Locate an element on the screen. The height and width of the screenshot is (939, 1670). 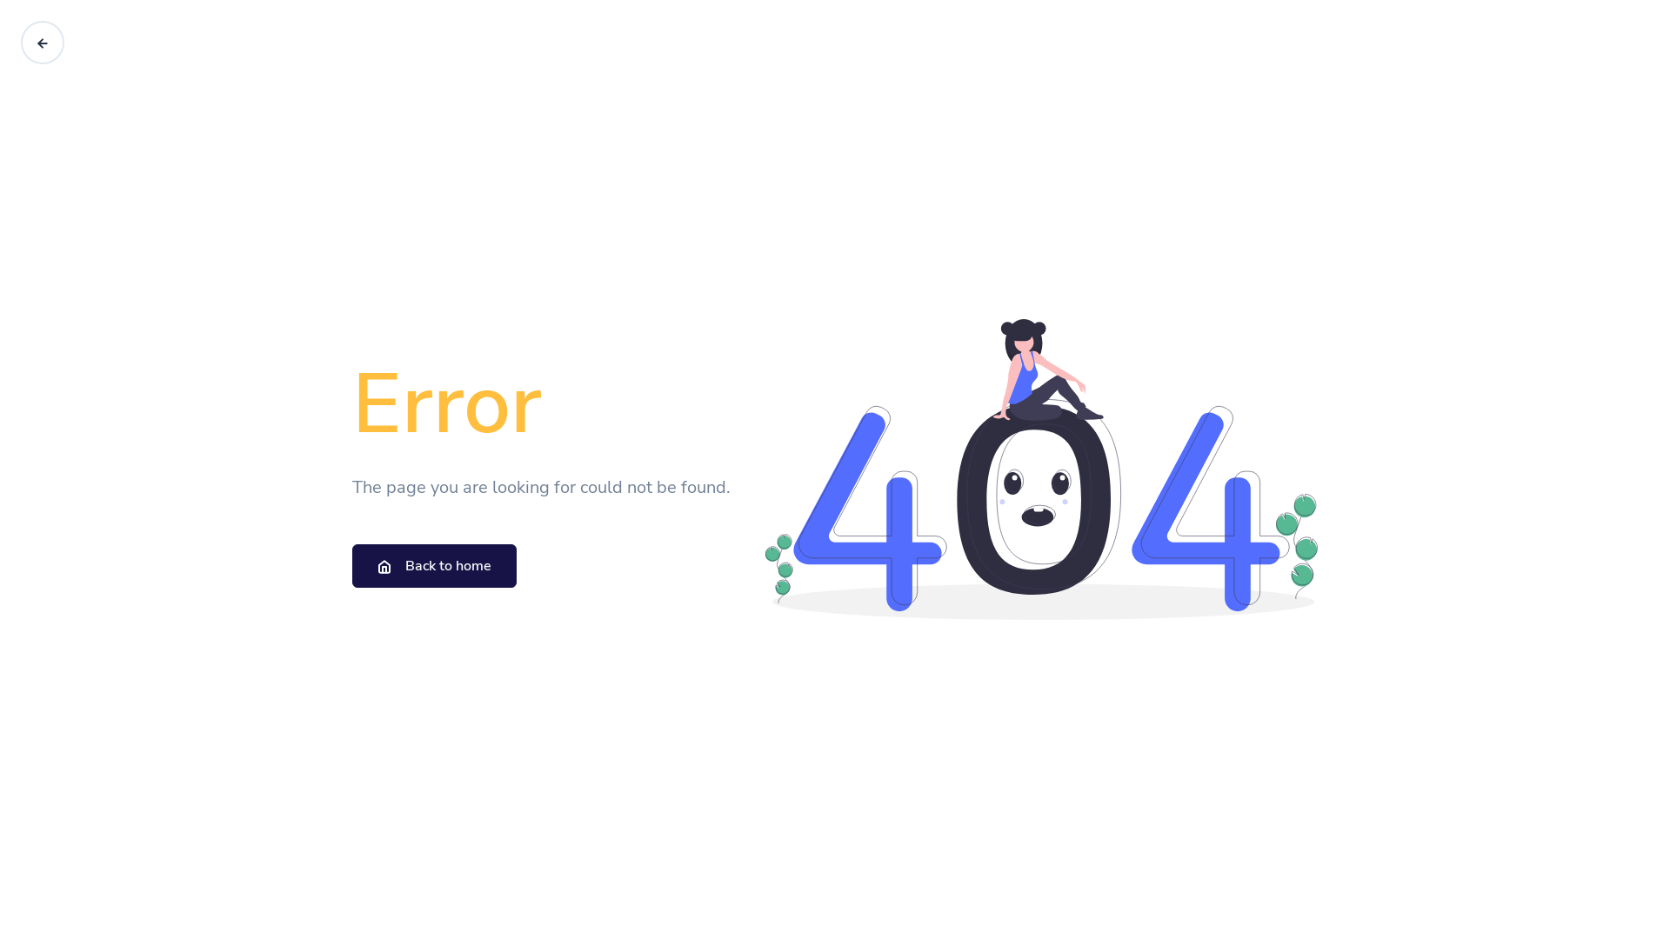
'Back to home' is located at coordinates (434, 566).